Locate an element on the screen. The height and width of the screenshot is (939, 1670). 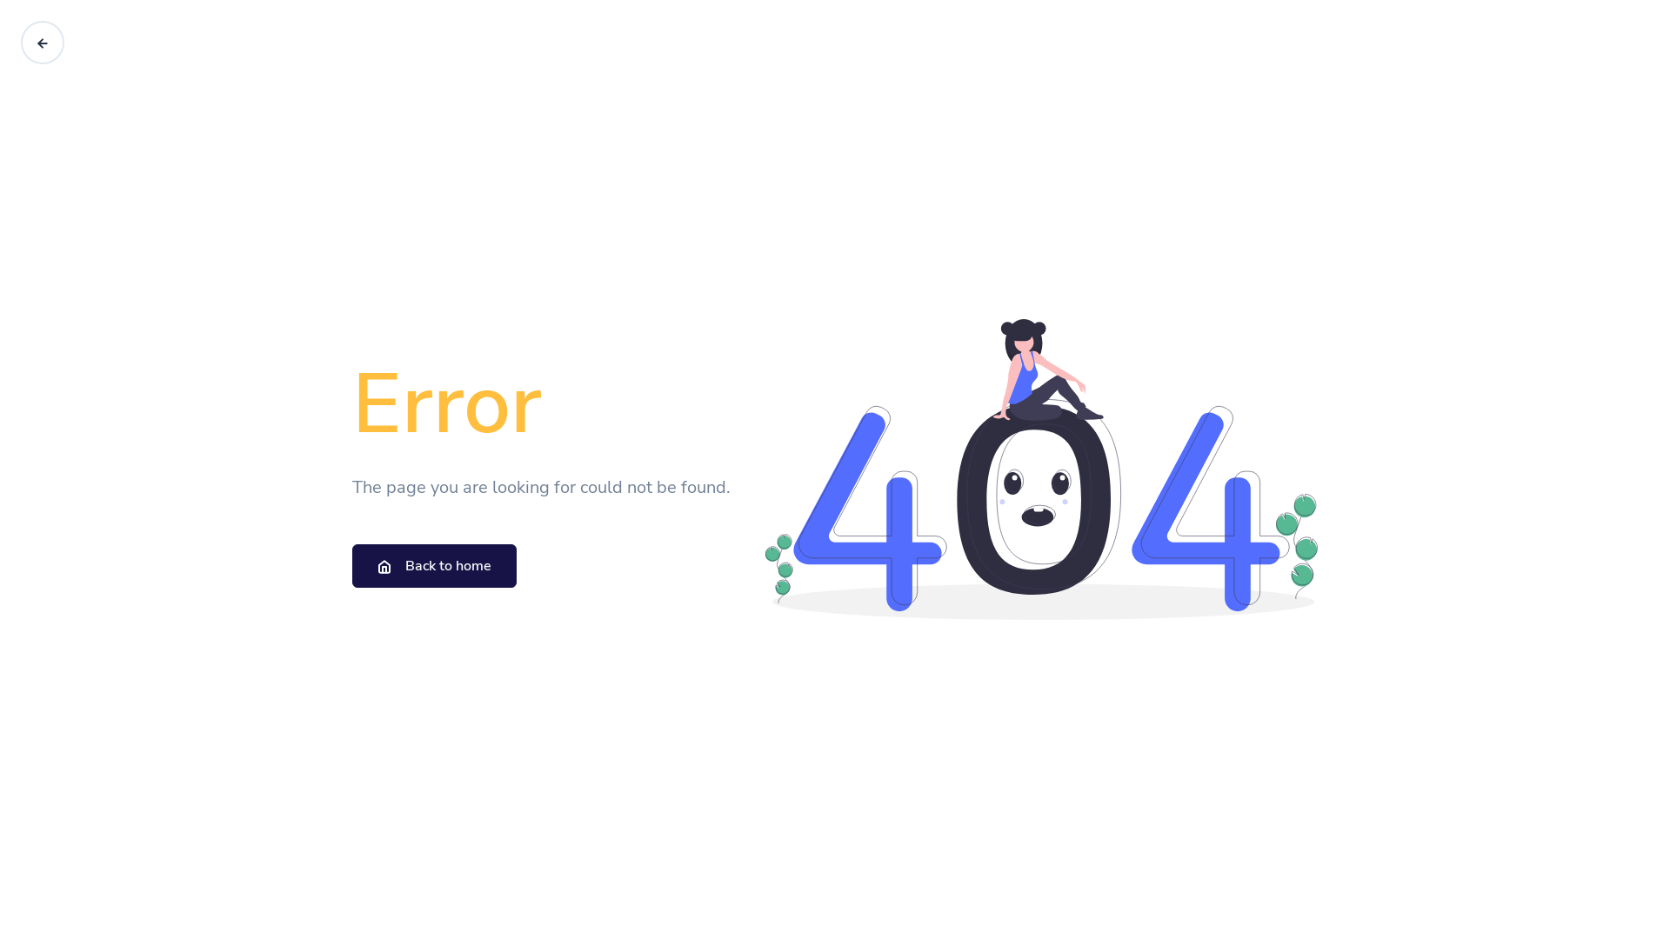
'Back to home' is located at coordinates (434, 566).